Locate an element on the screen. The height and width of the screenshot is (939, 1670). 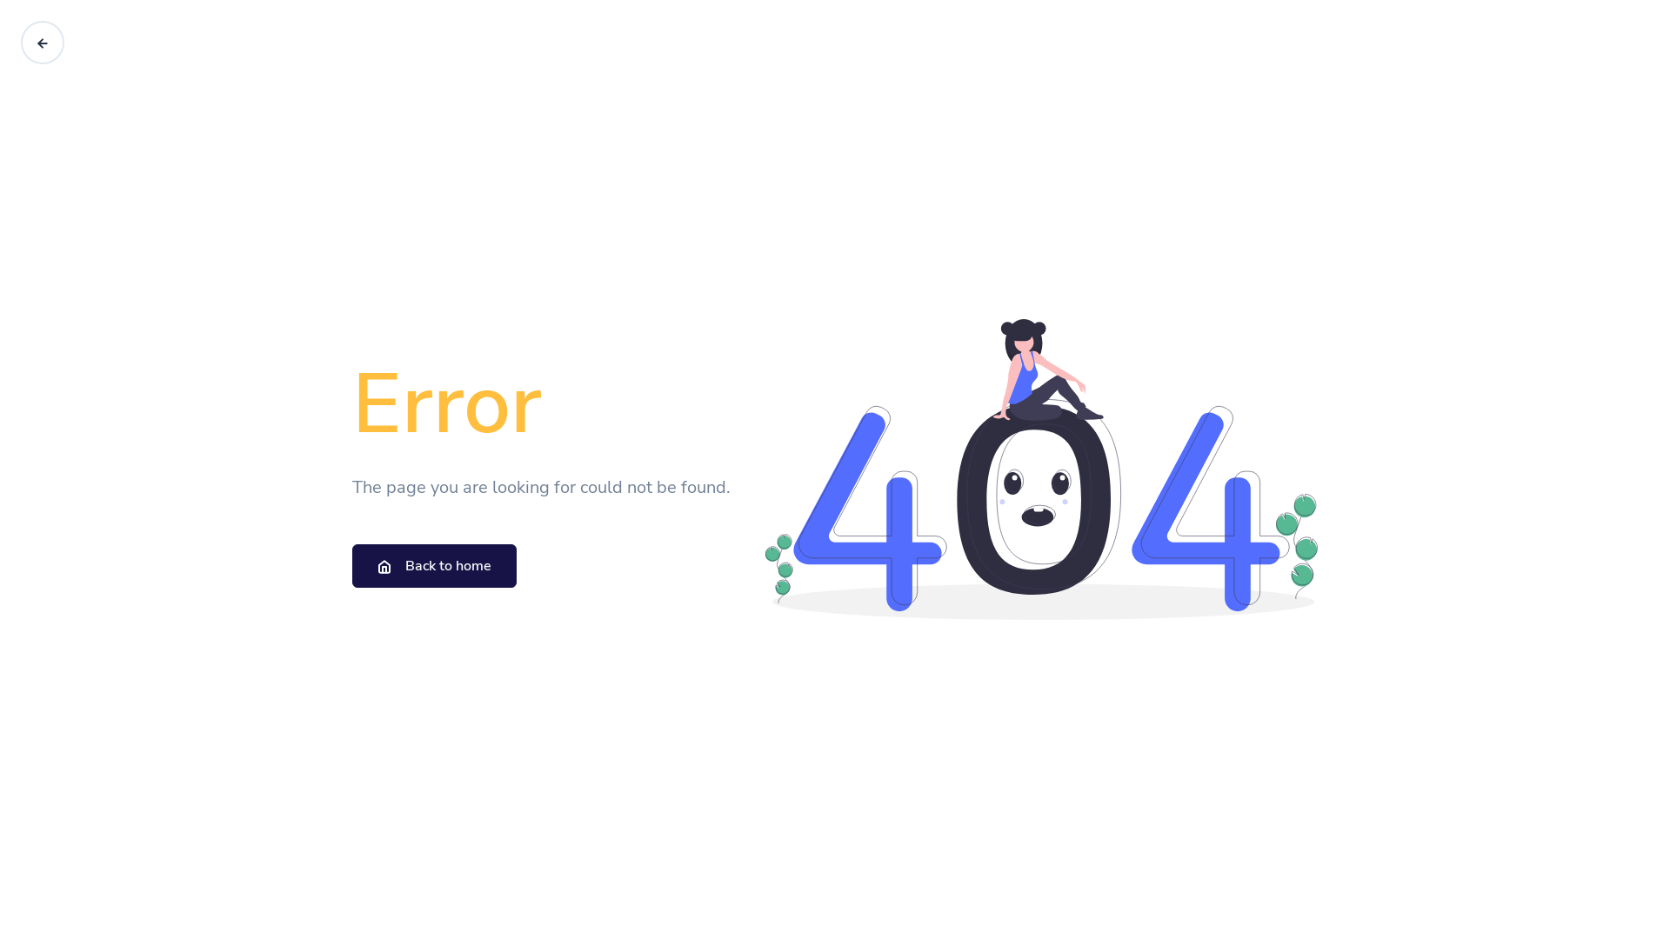
'Back to home' is located at coordinates (434, 566).